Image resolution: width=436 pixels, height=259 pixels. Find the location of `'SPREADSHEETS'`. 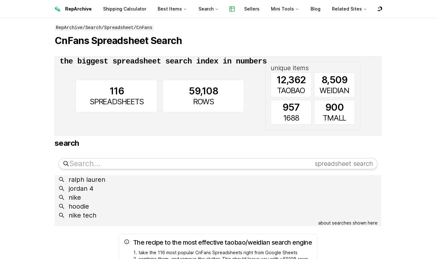

'SPREADSHEETS' is located at coordinates (116, 101).